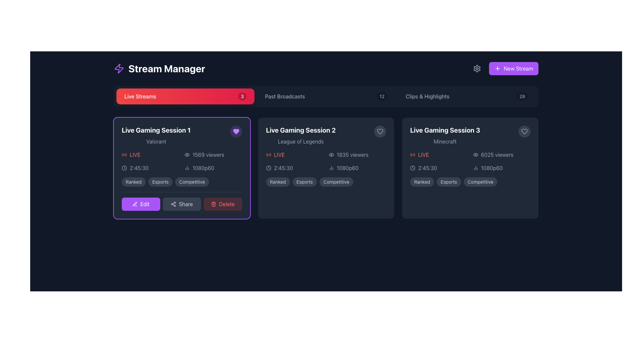  Describe the element at coordinates (160, 182) in the screenshot. I see `text label 'Esports' which is a rounded rectangular badge with a dark gray background and light gray text, located as the second badge in a horizontal list under 'Live Gaming Session 1'` at that location.